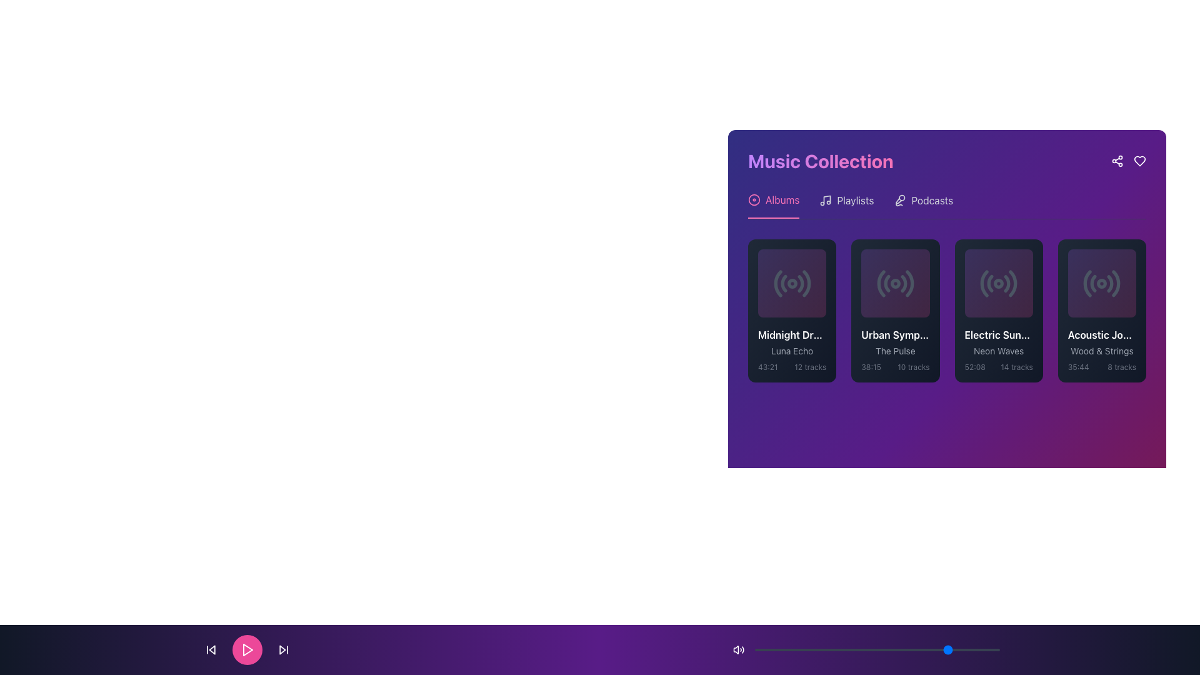 Image resolution: width=1200 pixels, height=675 pixels. I want to click on the backward skip button, which is a small icon with a triangle pointing left and a vertical line, located at the bottom-left corner of the media control interface, so click(211, 649).